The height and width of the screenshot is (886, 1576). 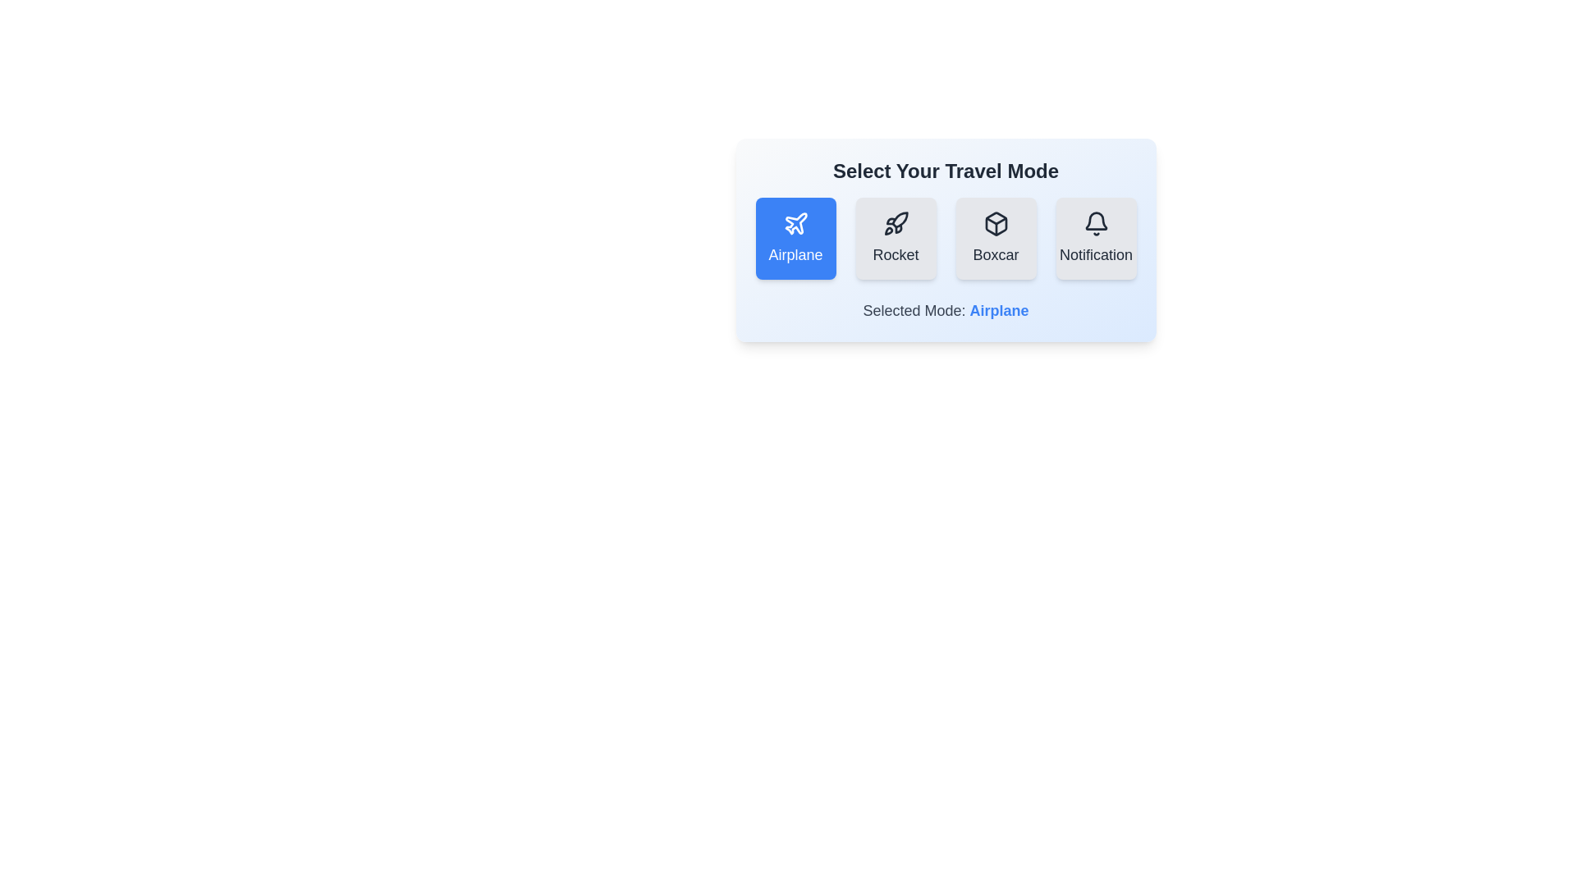 What do you see at coordinates (1096, 238) in the screenshot?
I see `the button corresponding to the travel mode Notification` at bounding box center [1096, 238].